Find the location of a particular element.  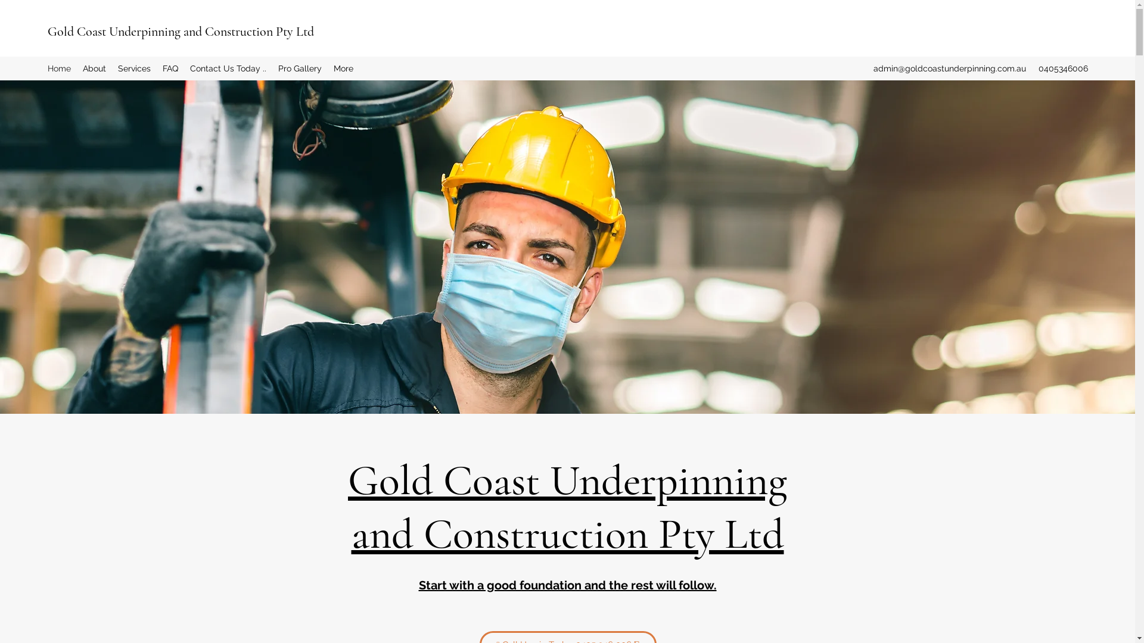

'Services' is located at coordinates (134, 68).